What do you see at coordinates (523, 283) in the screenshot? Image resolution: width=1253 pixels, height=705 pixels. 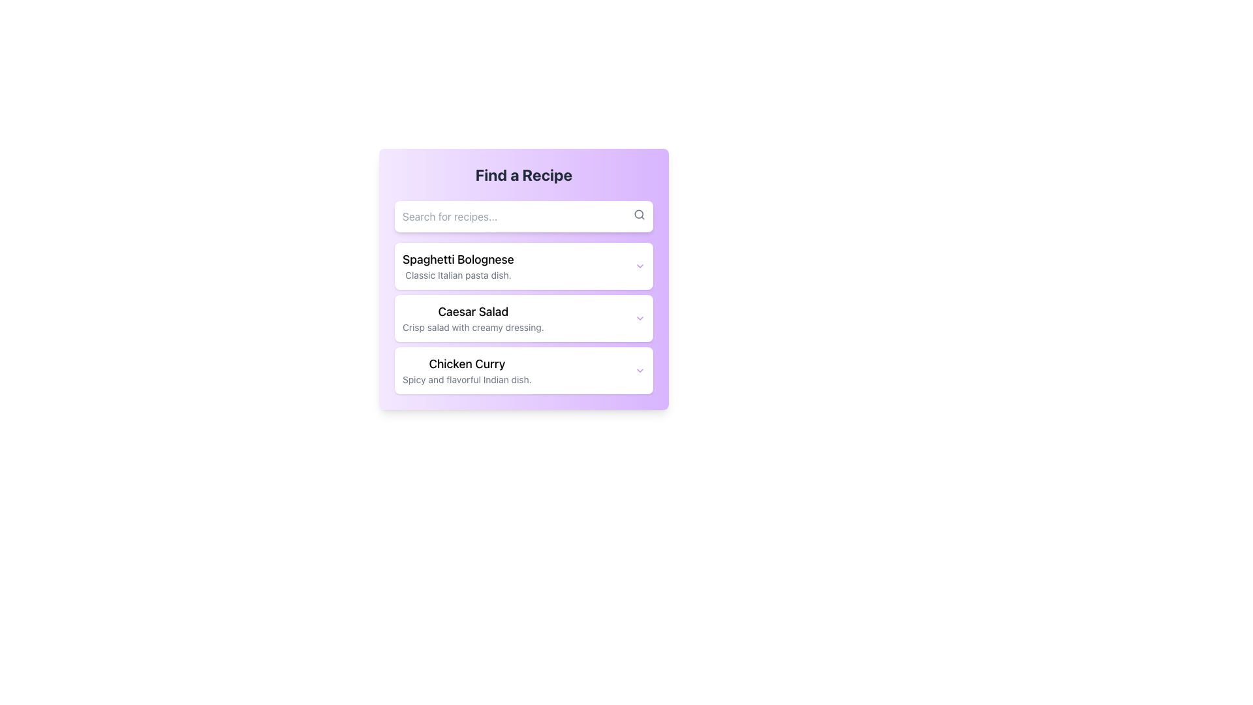 I see `the recipe card displaying 'Spaghetti Bolognese', which is the topmost card in the list of recipe cards located below the search bar` at bounding box center [523, 283].